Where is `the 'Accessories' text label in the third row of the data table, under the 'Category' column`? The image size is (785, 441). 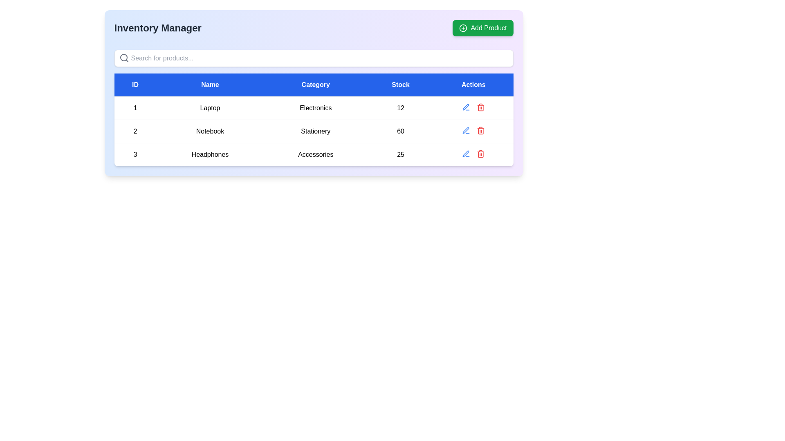 the 'Accessories' text label in the third row of the data table, under the 'Category' column is located at coordinates (315, 154).